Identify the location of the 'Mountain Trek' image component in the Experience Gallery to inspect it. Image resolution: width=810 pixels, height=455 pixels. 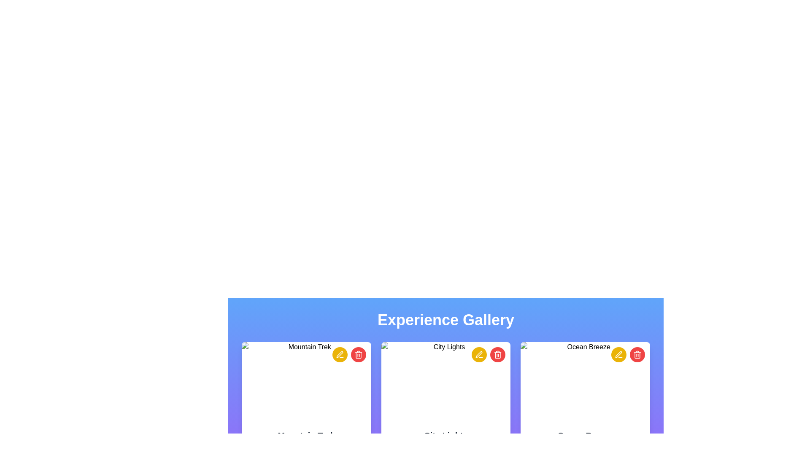
(306, 382).